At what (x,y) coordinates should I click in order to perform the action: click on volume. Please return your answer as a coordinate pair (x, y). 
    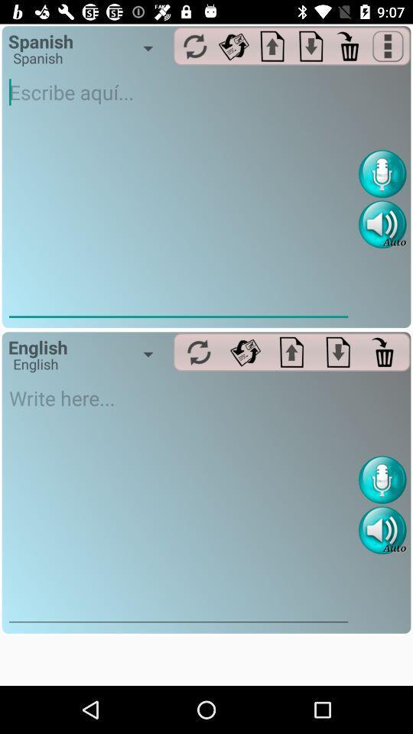
    Looking at the image, I should click on (382, 223).